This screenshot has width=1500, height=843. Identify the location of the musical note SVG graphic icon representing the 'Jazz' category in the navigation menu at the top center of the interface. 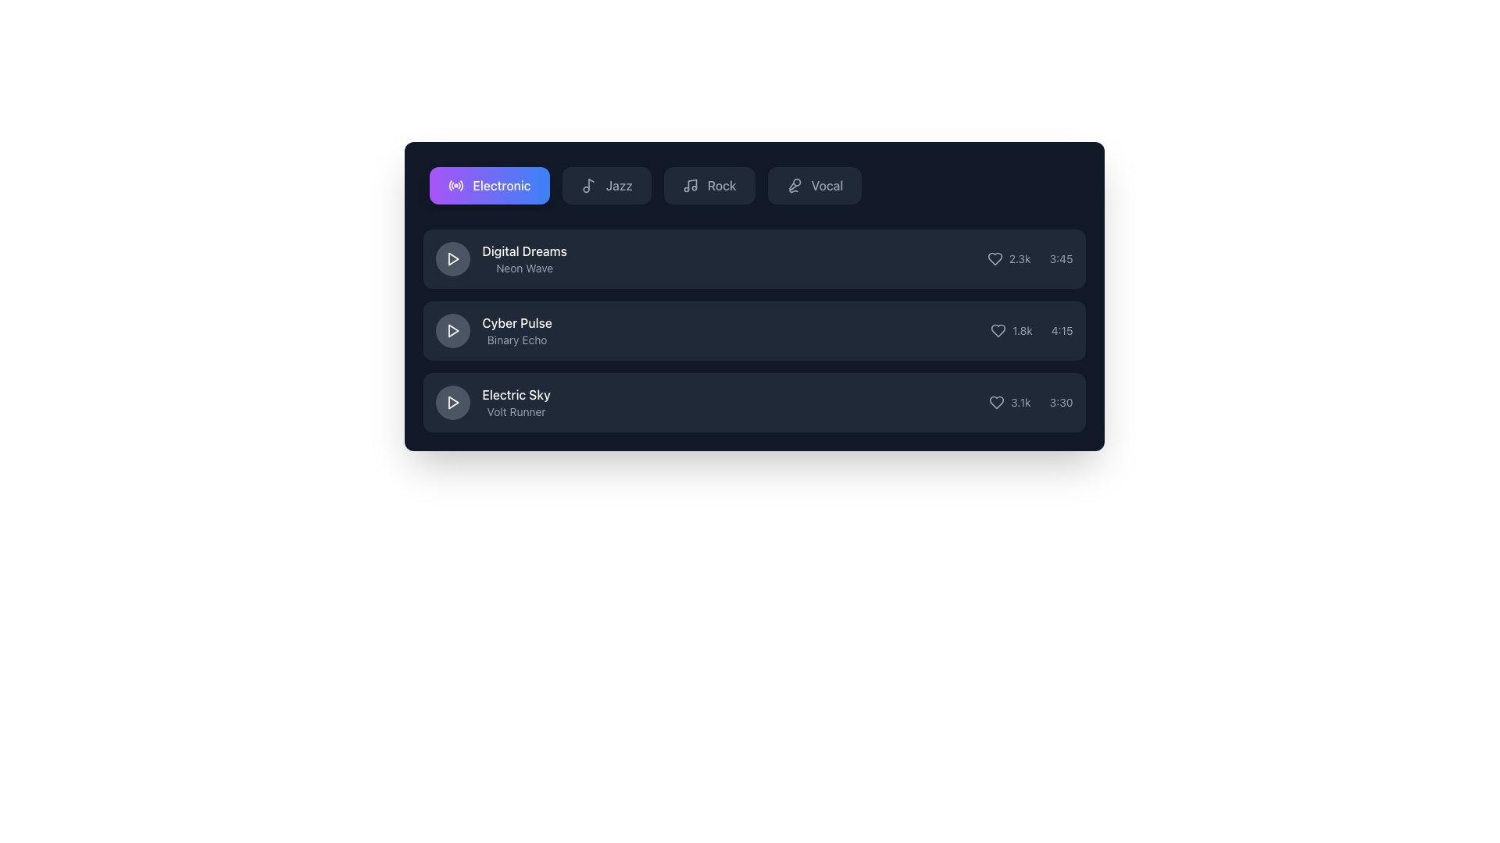
(590, 183).